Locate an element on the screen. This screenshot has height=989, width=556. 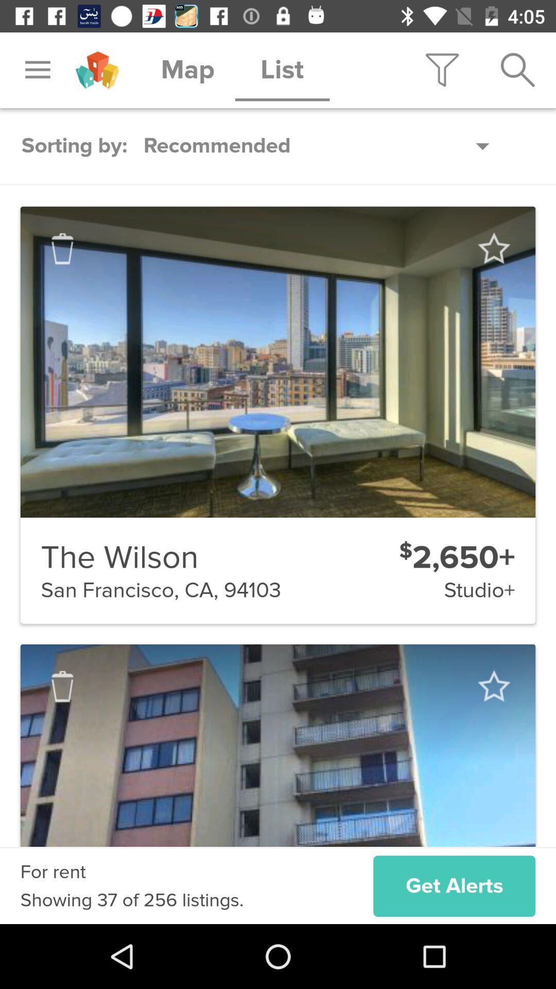
this listing is located at coordinates (493, 686).